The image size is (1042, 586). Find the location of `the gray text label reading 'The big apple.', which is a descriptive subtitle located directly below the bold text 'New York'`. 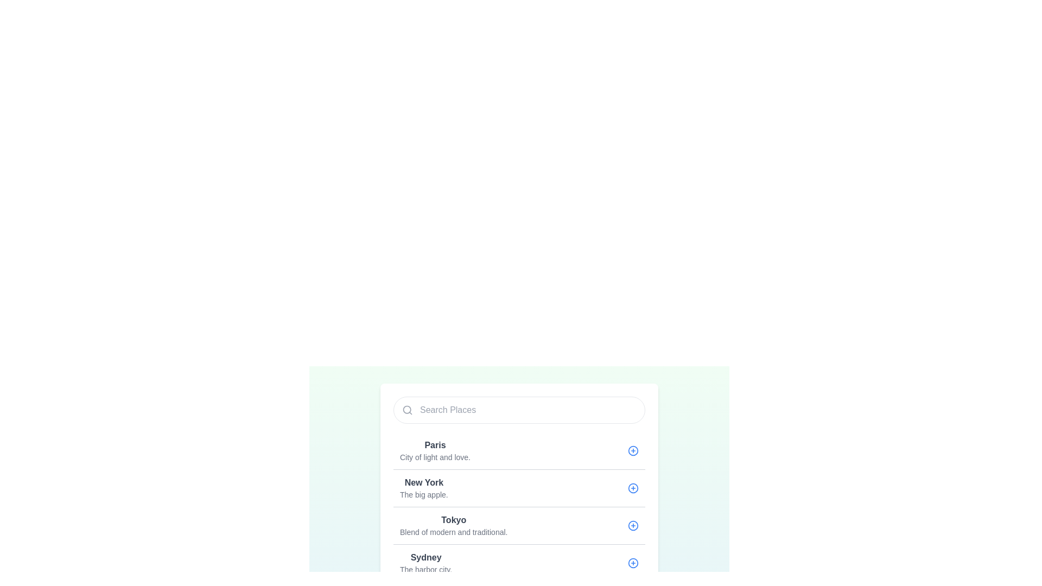

the gray text label reading 'The big apple.', which is a descriptive subtitle located directly below the bold text 'New York' is located at coordinates (423, 494).